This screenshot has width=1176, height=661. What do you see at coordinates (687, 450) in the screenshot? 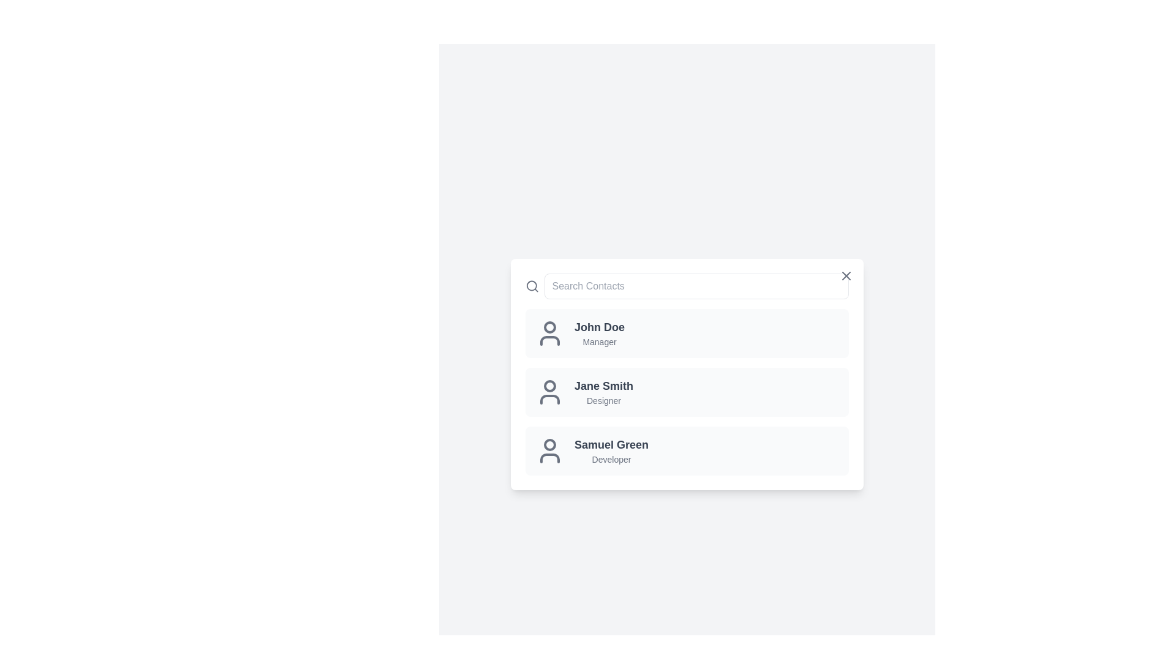
I see `the contact Samuel Green from the list` at bounding box center [687, 450].